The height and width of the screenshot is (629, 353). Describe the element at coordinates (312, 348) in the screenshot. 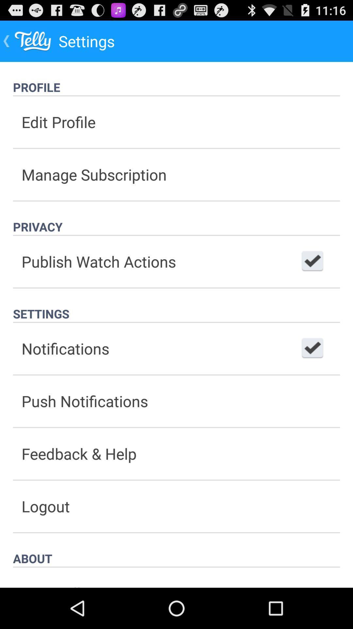

I see `turn notifications on or off` at that location.